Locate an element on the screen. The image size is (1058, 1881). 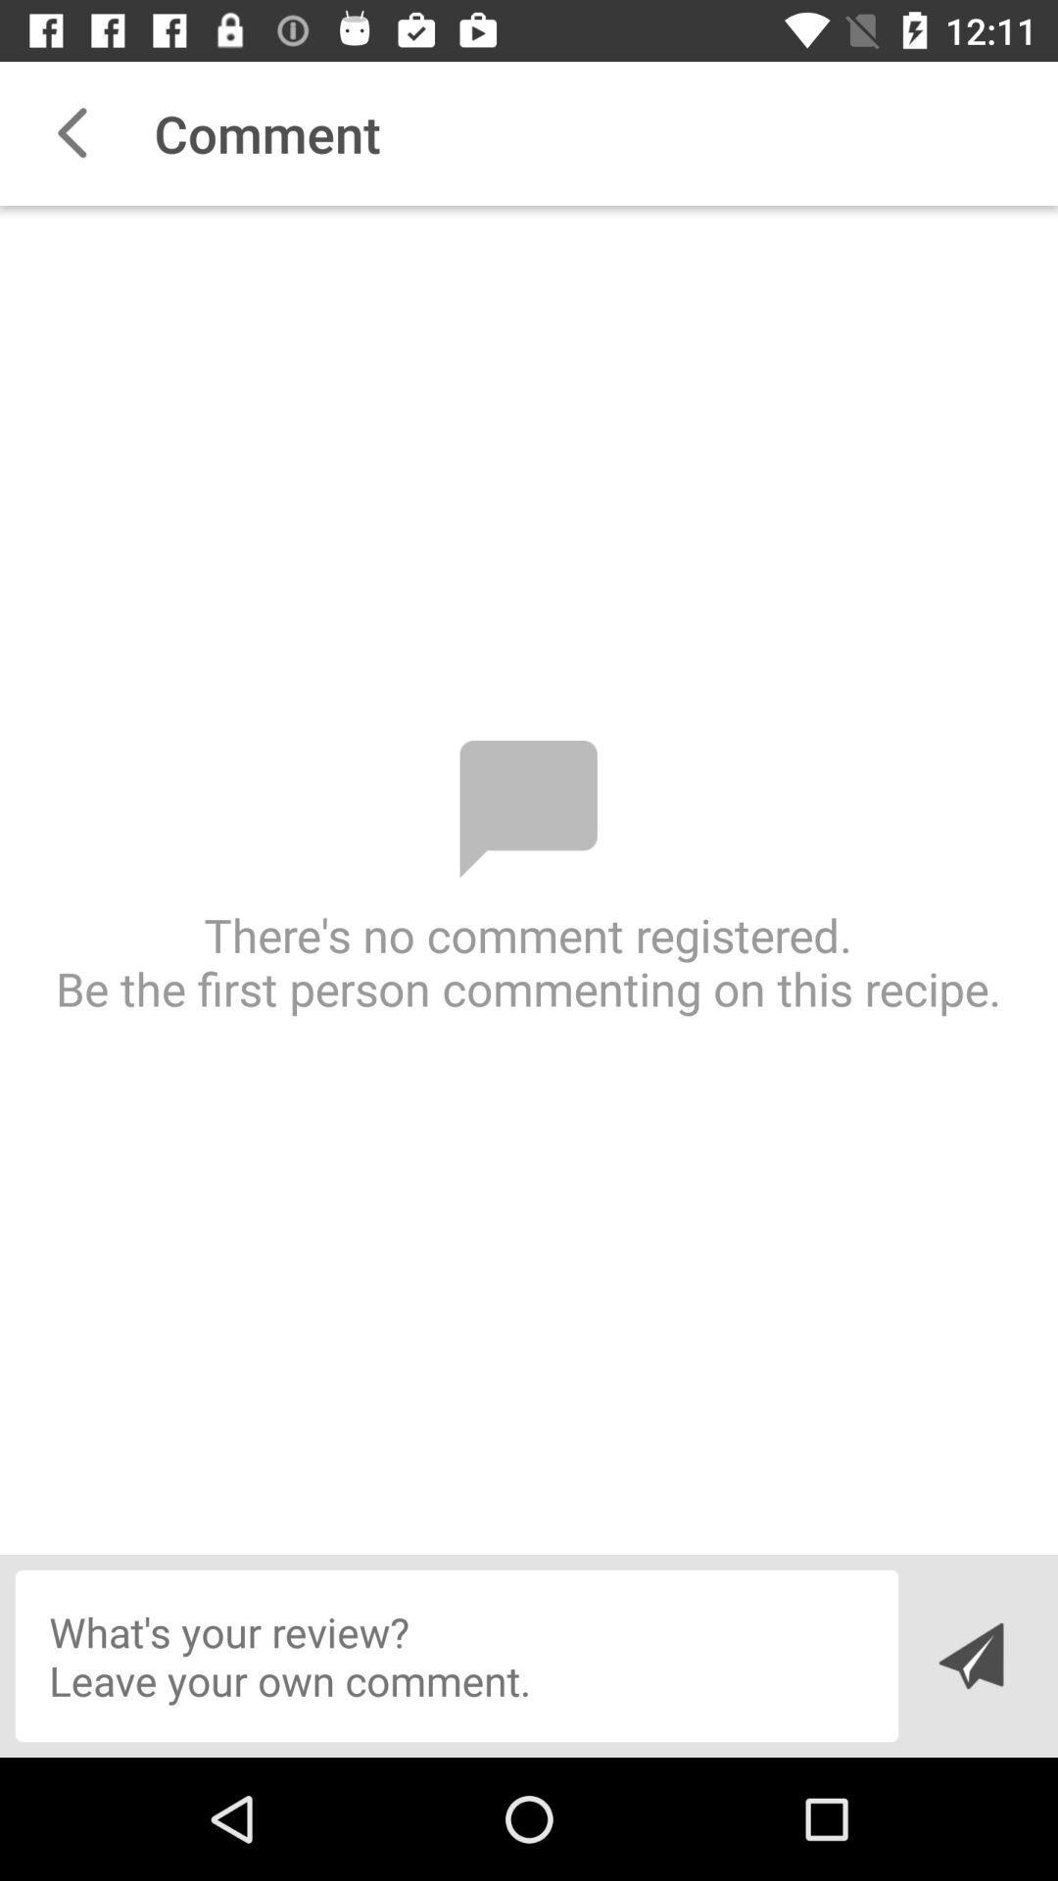
the icon to the left of the comment app is located at coordinates (71, 132).